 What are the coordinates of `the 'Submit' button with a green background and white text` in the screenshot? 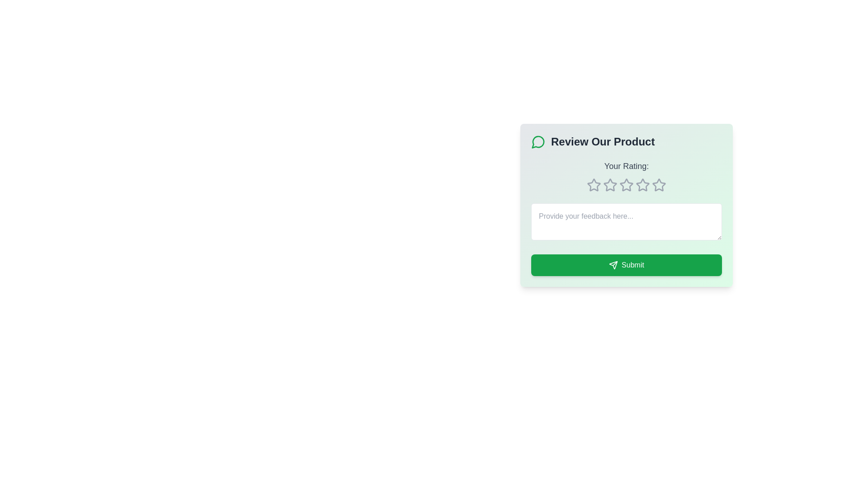 It's located at (626, 264).